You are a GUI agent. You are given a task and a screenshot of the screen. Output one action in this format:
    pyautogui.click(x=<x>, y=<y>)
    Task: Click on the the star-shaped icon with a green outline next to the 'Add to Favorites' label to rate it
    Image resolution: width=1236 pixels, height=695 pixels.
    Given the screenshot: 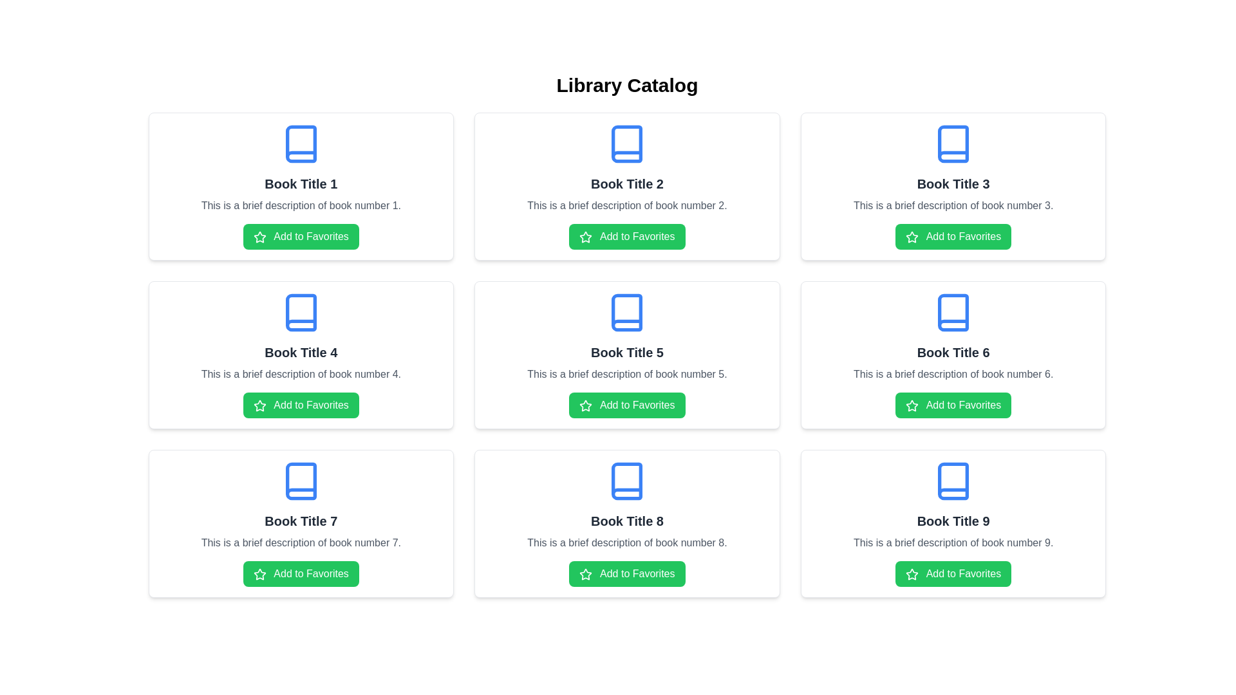 What is the action you would take?
    pyautogui.click(x=912, y=237)
    